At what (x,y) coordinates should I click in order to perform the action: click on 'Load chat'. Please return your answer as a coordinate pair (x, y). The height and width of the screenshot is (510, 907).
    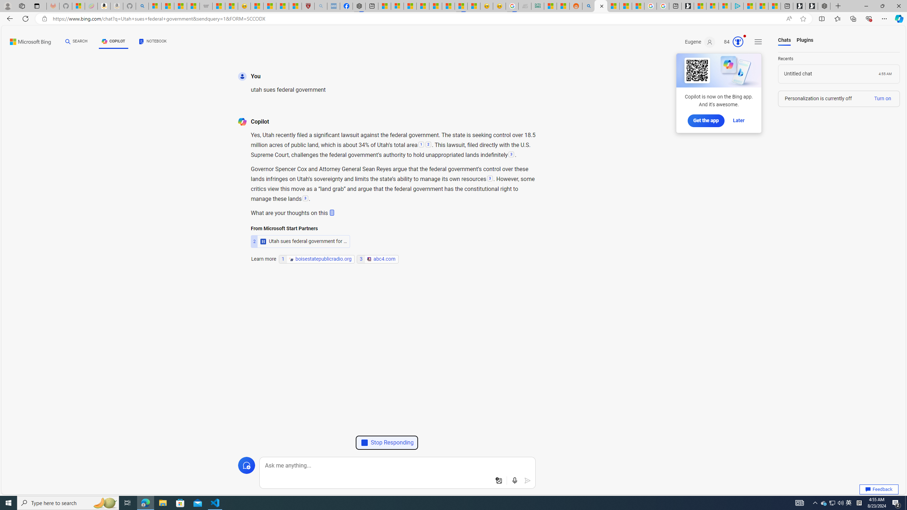
    Looking at the image, I should click on (839, 73).